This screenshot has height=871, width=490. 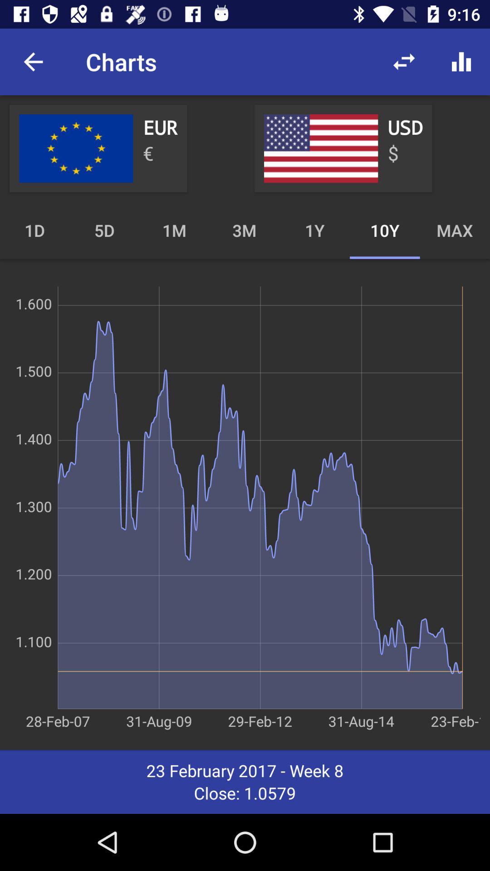 I want to click on the item to the left of the charts item, so click(x=33, y=61).